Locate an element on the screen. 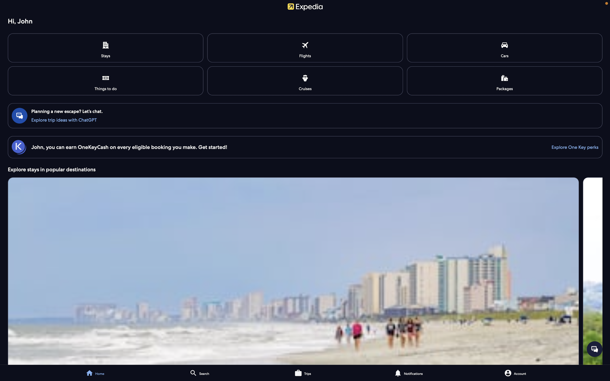  Use the "explore stays" function is located at coordinates (305, 270).